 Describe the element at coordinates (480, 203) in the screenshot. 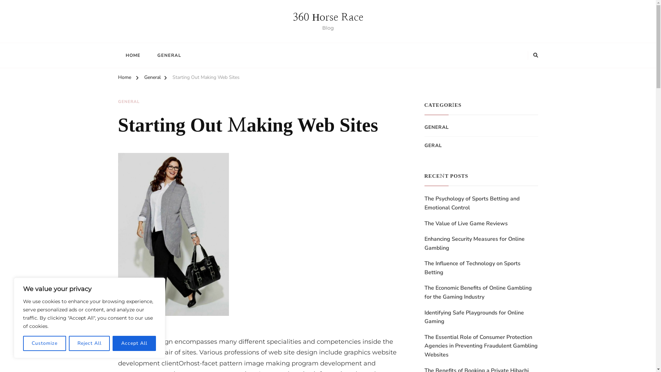

I see `'The Psychology of Sports Betting and Emotional Control'` at that location.